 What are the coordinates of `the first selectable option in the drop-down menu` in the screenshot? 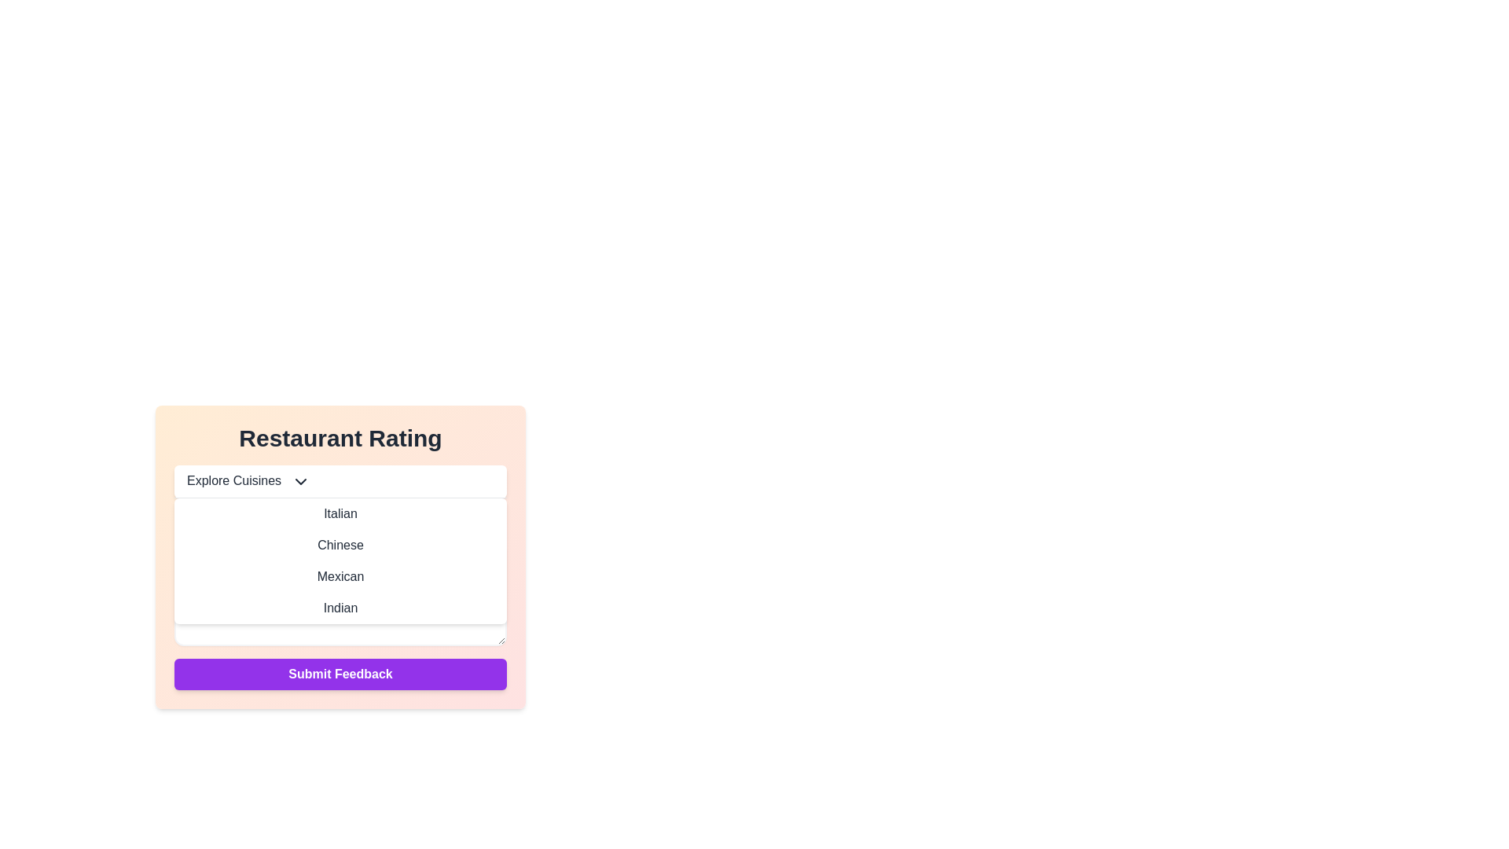 It's located at (340, 513).